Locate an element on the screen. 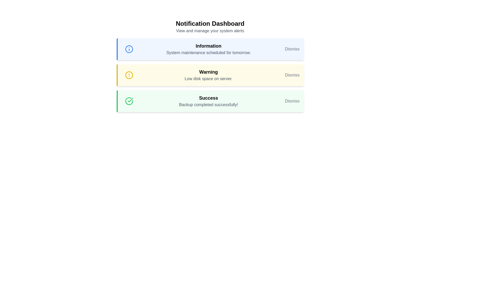 This screenshot has height=281, width=499. the static text indicating successful backup completion, located in the green success card below the 'Success' heading is located at coordinates (208, 105).